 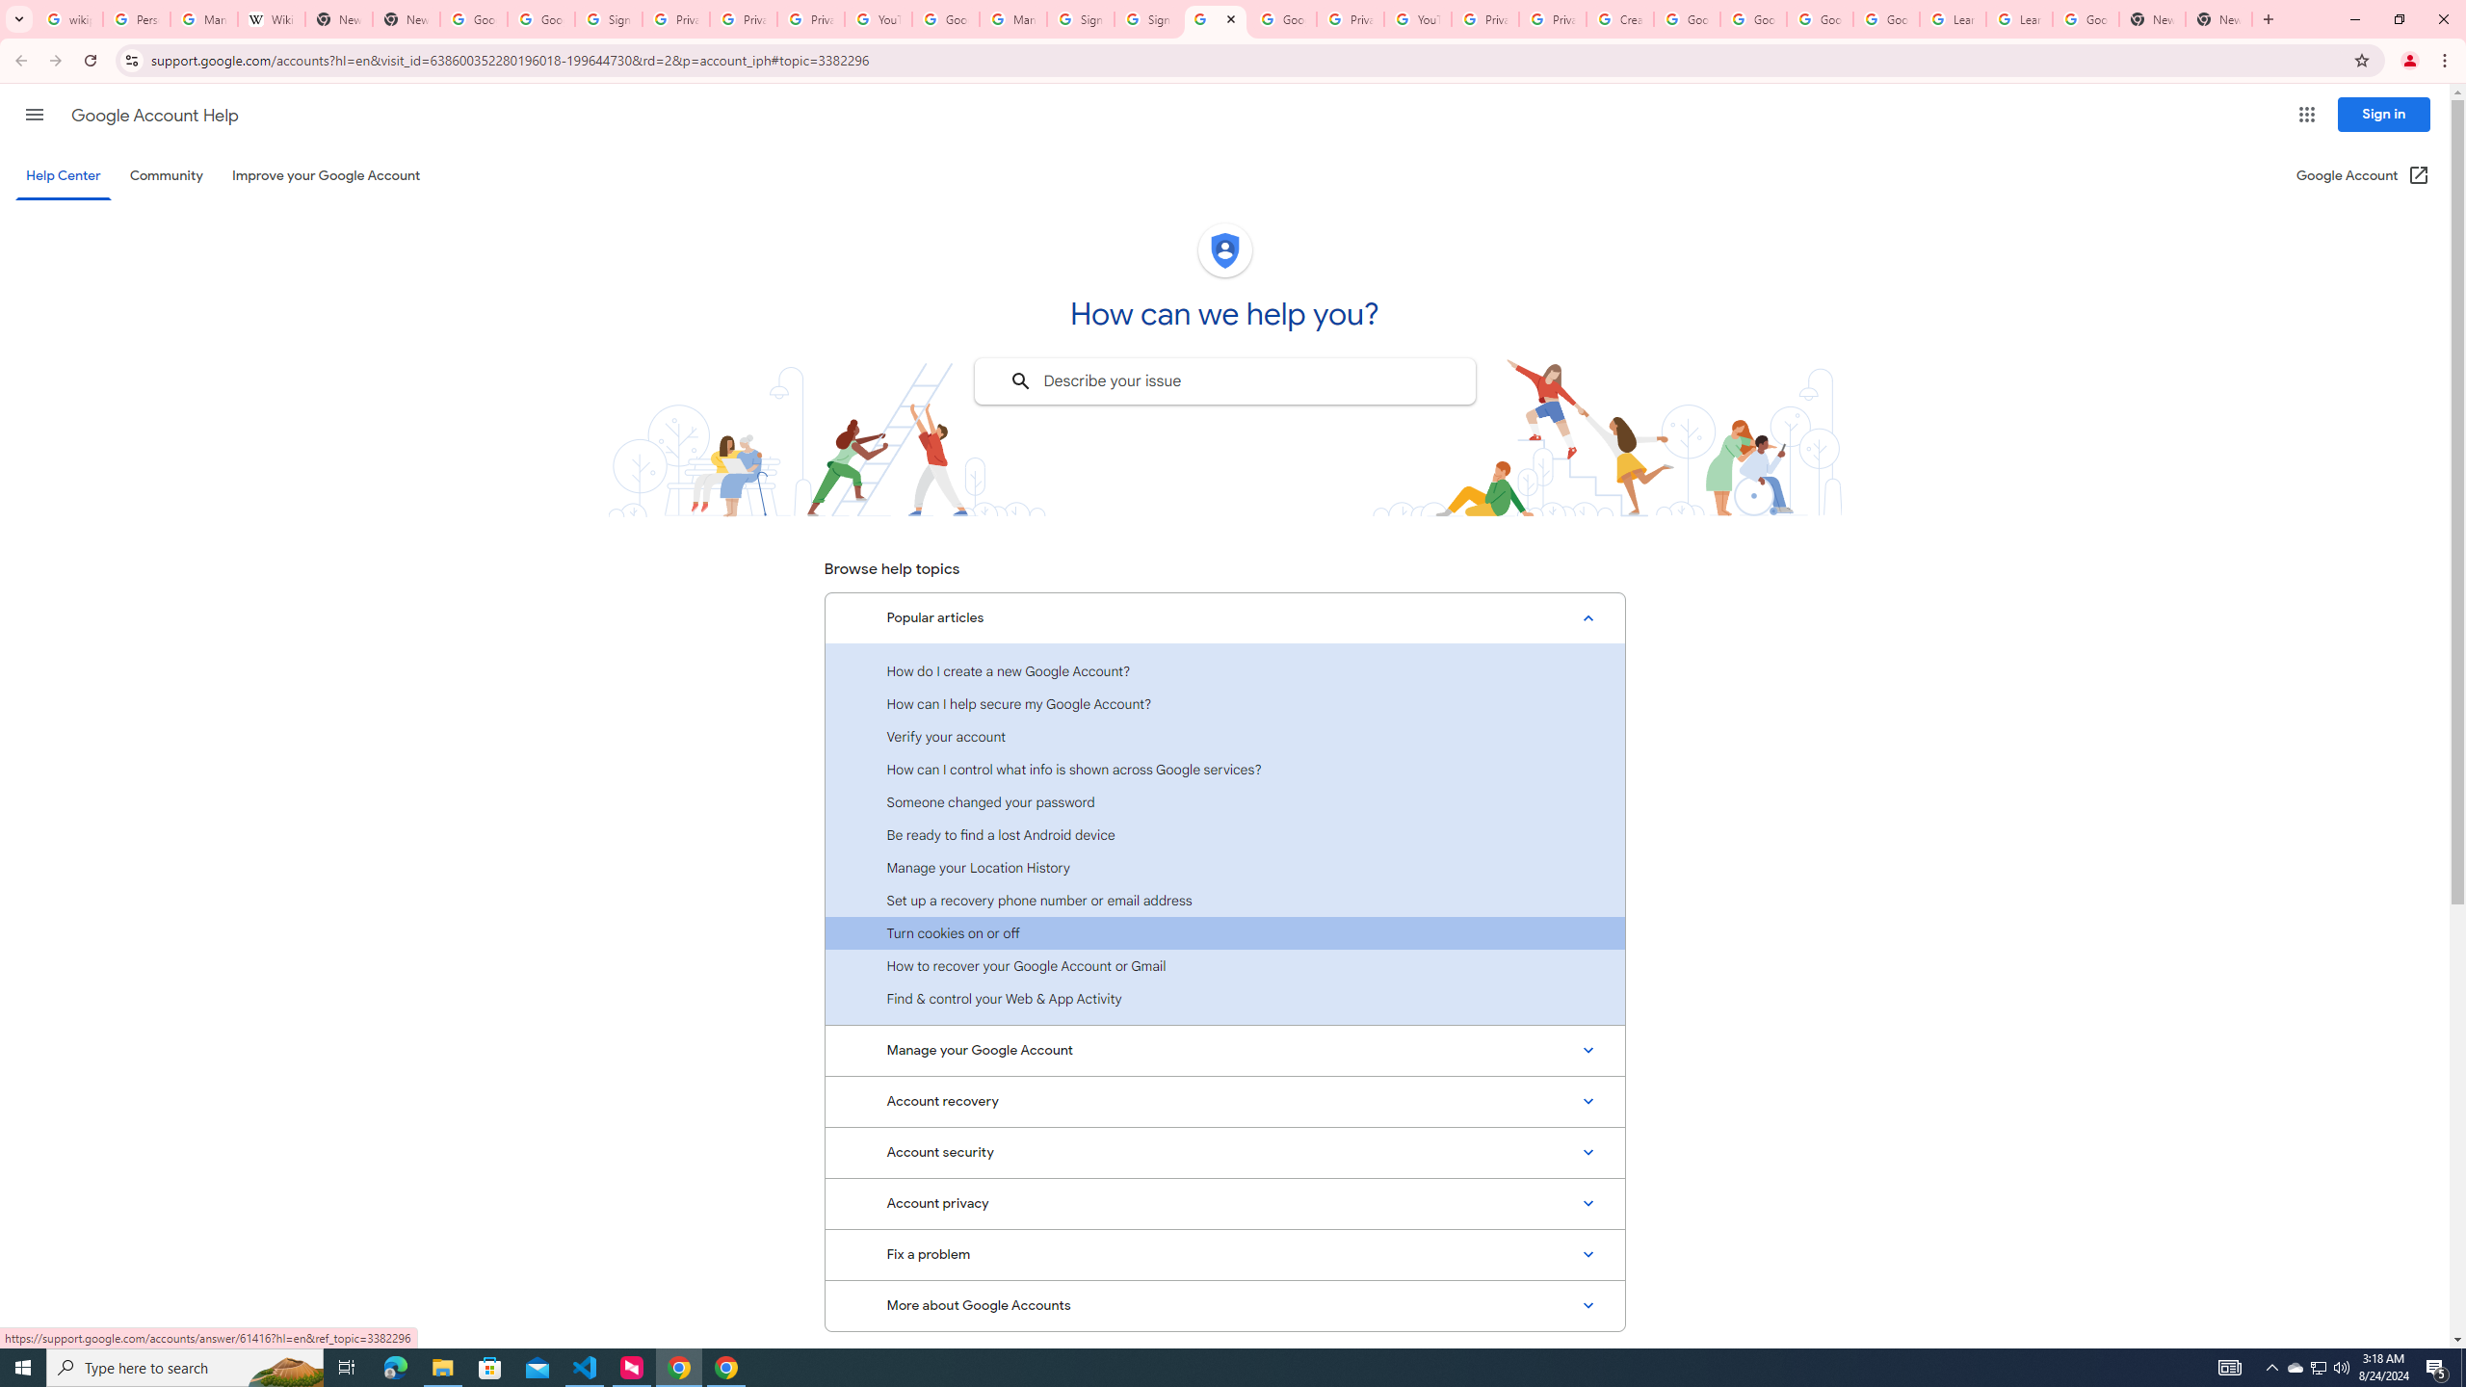 I want to click on 'Improve your Google Account', so click(x=326, y=174).